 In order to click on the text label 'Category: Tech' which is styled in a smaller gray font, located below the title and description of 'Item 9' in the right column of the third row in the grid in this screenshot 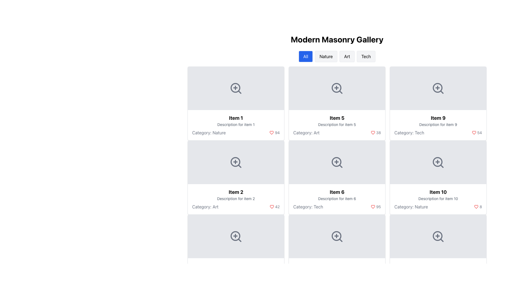, I will do `click(409, 132)`.